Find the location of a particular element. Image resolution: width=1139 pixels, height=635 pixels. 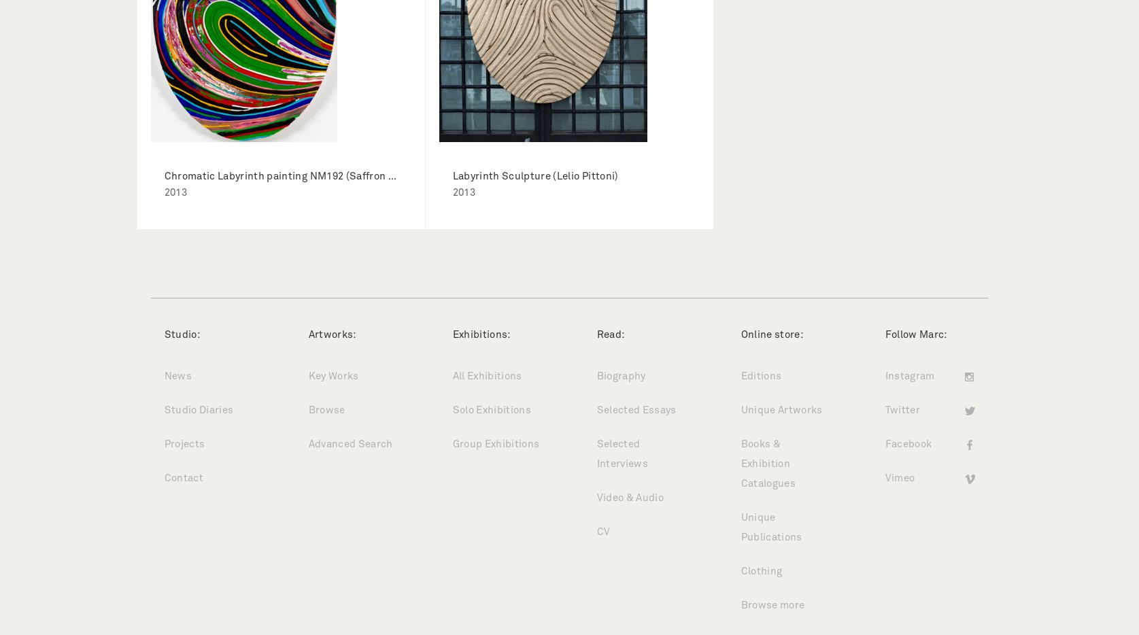

'Projects' is located at coordinates (184, 444).